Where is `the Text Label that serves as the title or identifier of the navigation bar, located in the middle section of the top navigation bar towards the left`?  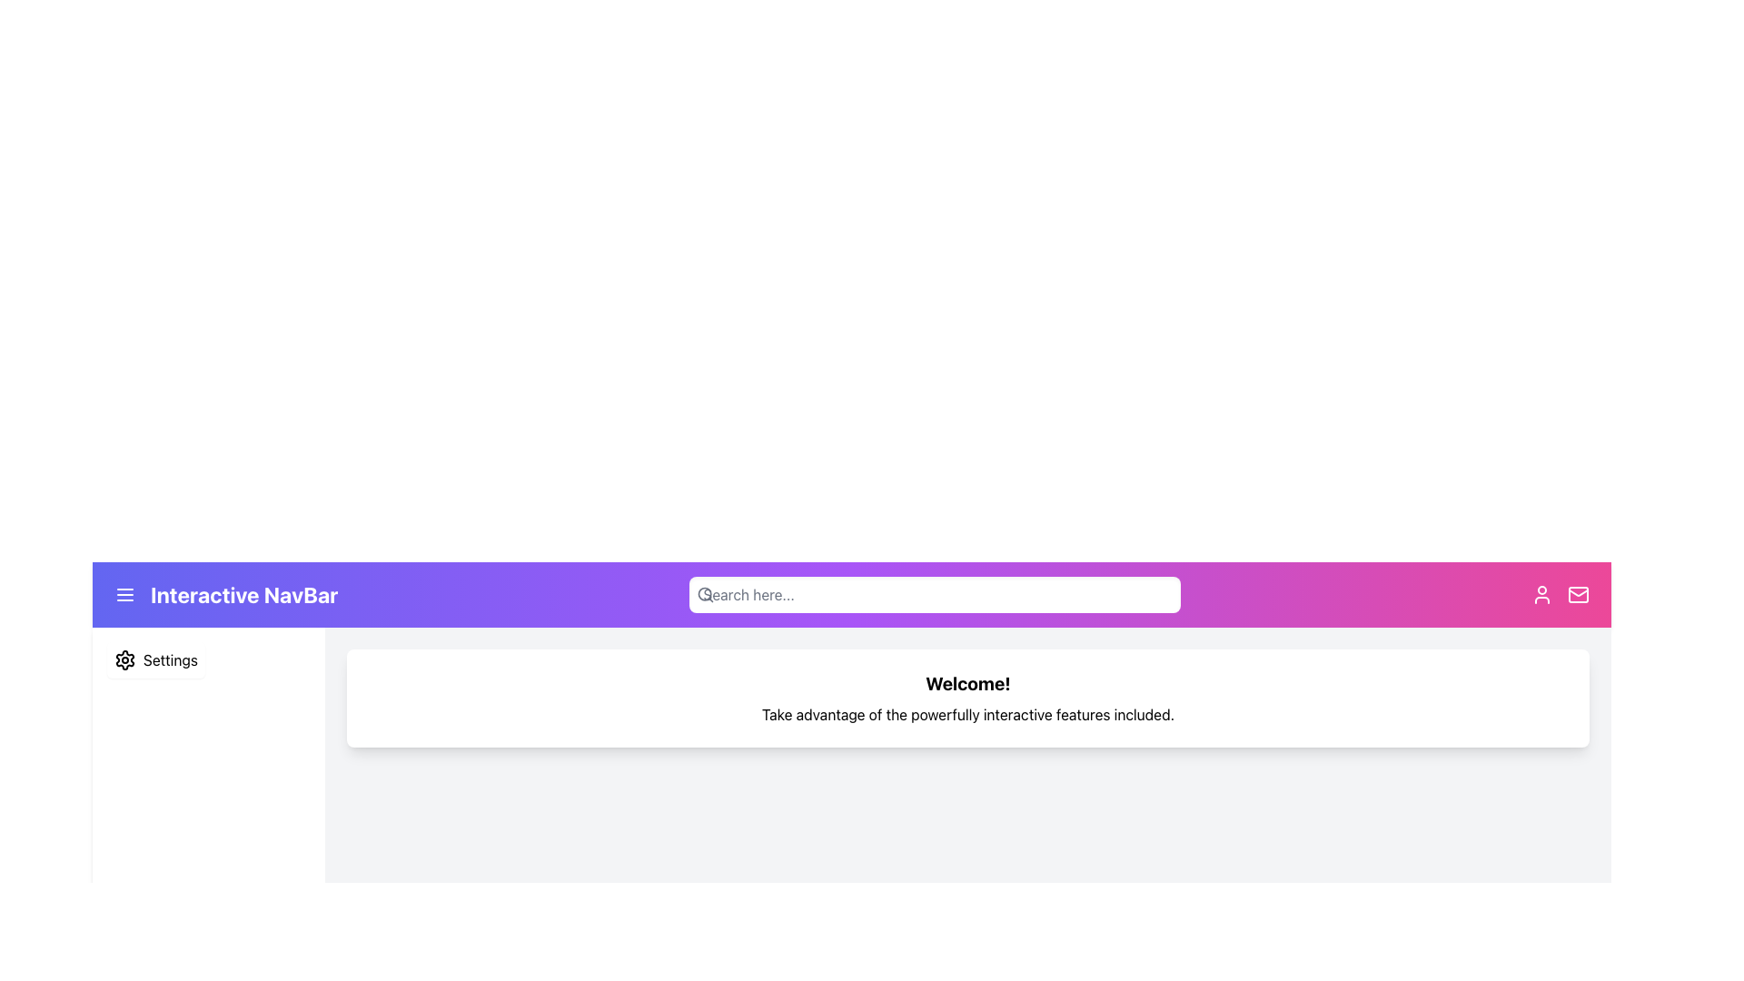 the Text Label that serves as the title or identifier of the navigation bar, located in the middle section of the top navigation bar towards the left is located at coordinates (243, 595).